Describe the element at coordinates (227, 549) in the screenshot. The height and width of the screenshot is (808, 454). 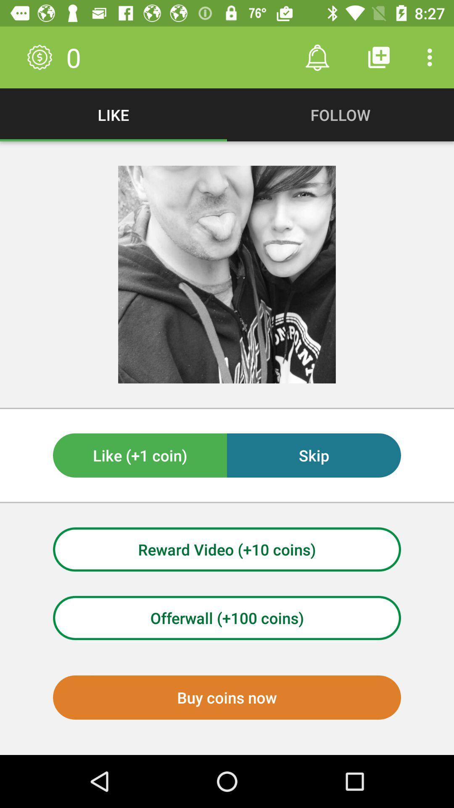
I see `the reward video 10 icon` at that location.